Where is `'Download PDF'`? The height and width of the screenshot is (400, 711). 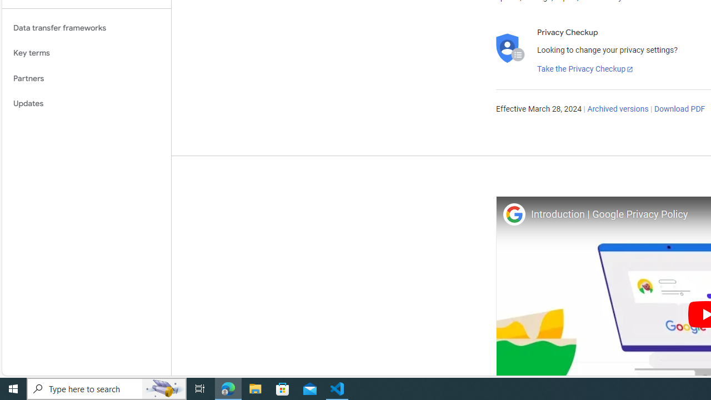
'Download PDF' is located at coordinates (679, 109).